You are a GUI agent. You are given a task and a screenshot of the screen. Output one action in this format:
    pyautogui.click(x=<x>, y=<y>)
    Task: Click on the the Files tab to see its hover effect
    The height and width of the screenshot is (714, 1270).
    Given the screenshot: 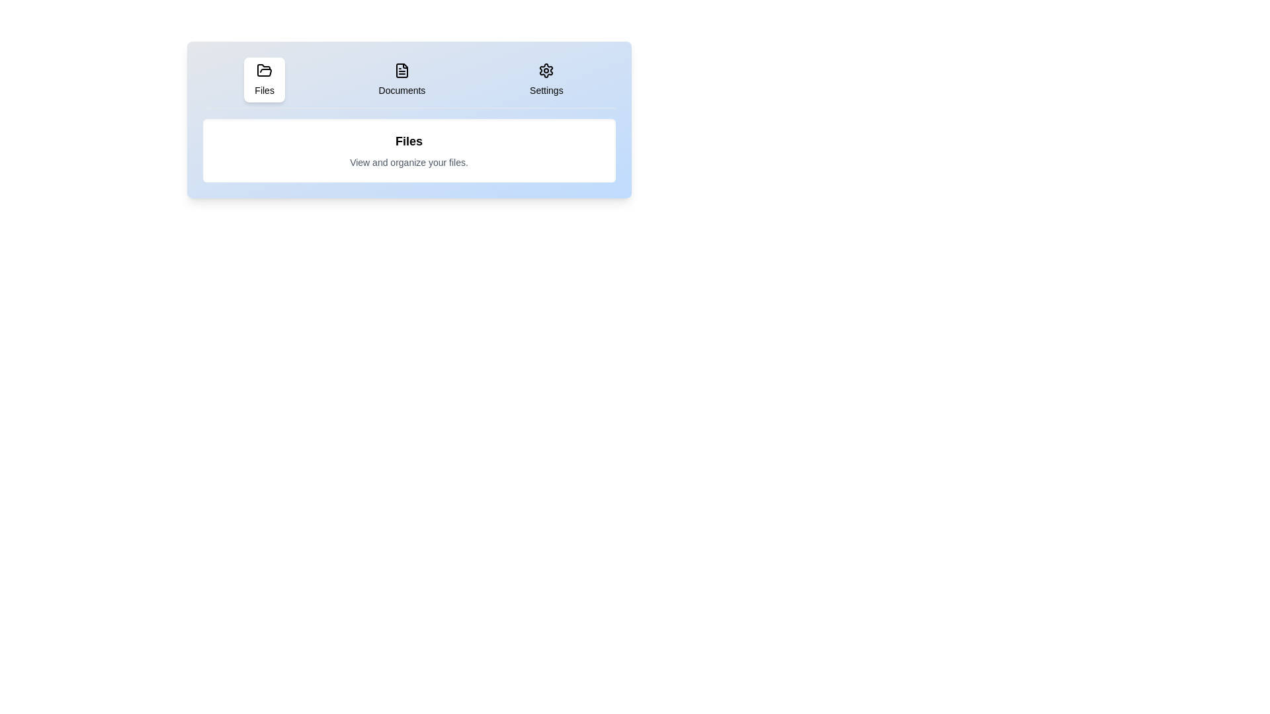 What is the action you would take?
    pyautogui.click(x=265, y=79)
    